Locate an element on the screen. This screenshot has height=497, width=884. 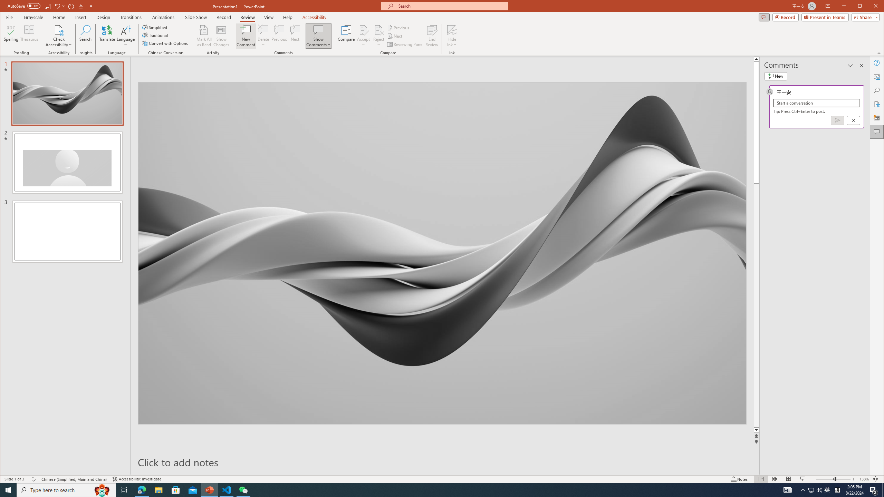
'Start a conversation' is located at coordinates (816, 103).